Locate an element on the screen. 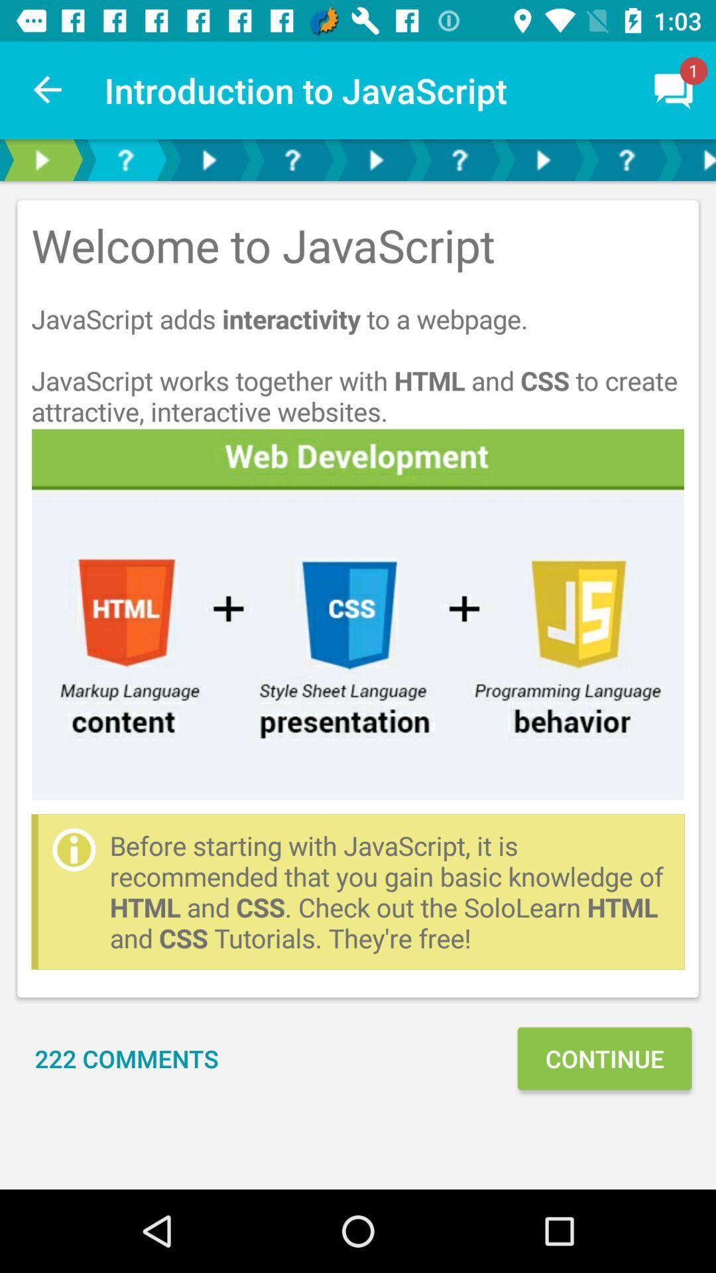 This screenshot has height=1273, width=716. the play icon is located at coordinates (691, 159).